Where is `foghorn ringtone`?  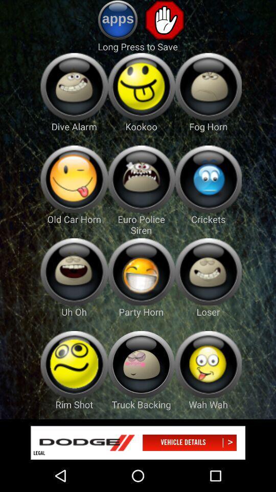 foghorn ringtone is located at coordinates (208, 86).